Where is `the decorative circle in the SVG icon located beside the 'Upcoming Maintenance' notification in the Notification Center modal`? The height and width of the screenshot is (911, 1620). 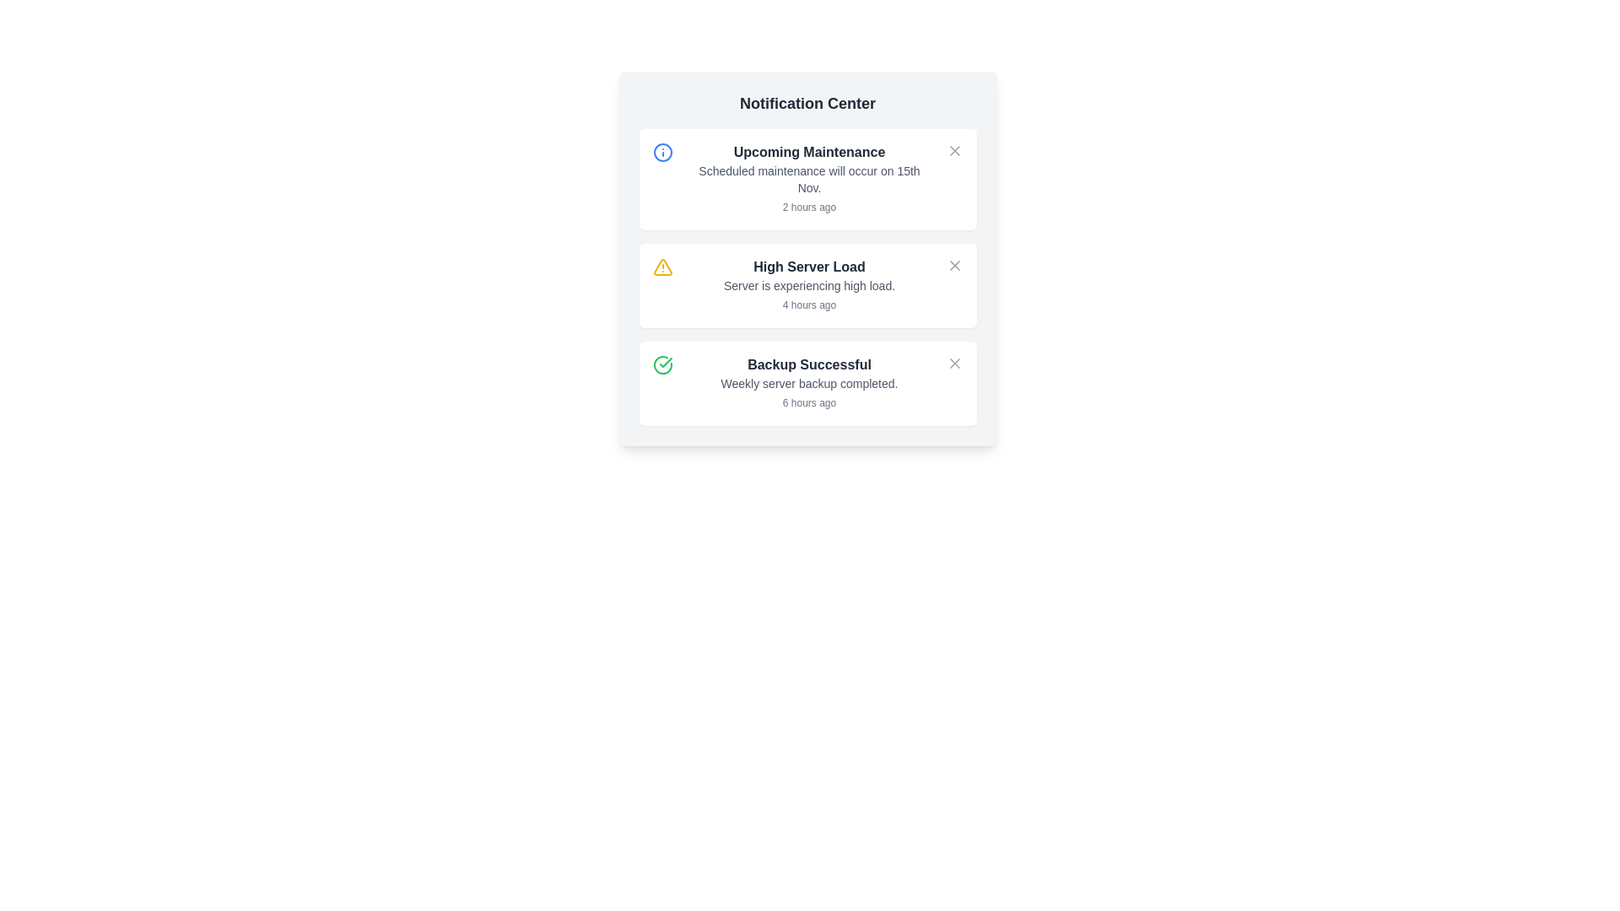
the decorative circle in the SVG icon located beside the 'Upcoming Maintenance' notification in the Notification Center modal is located at coordinates (661, 153).